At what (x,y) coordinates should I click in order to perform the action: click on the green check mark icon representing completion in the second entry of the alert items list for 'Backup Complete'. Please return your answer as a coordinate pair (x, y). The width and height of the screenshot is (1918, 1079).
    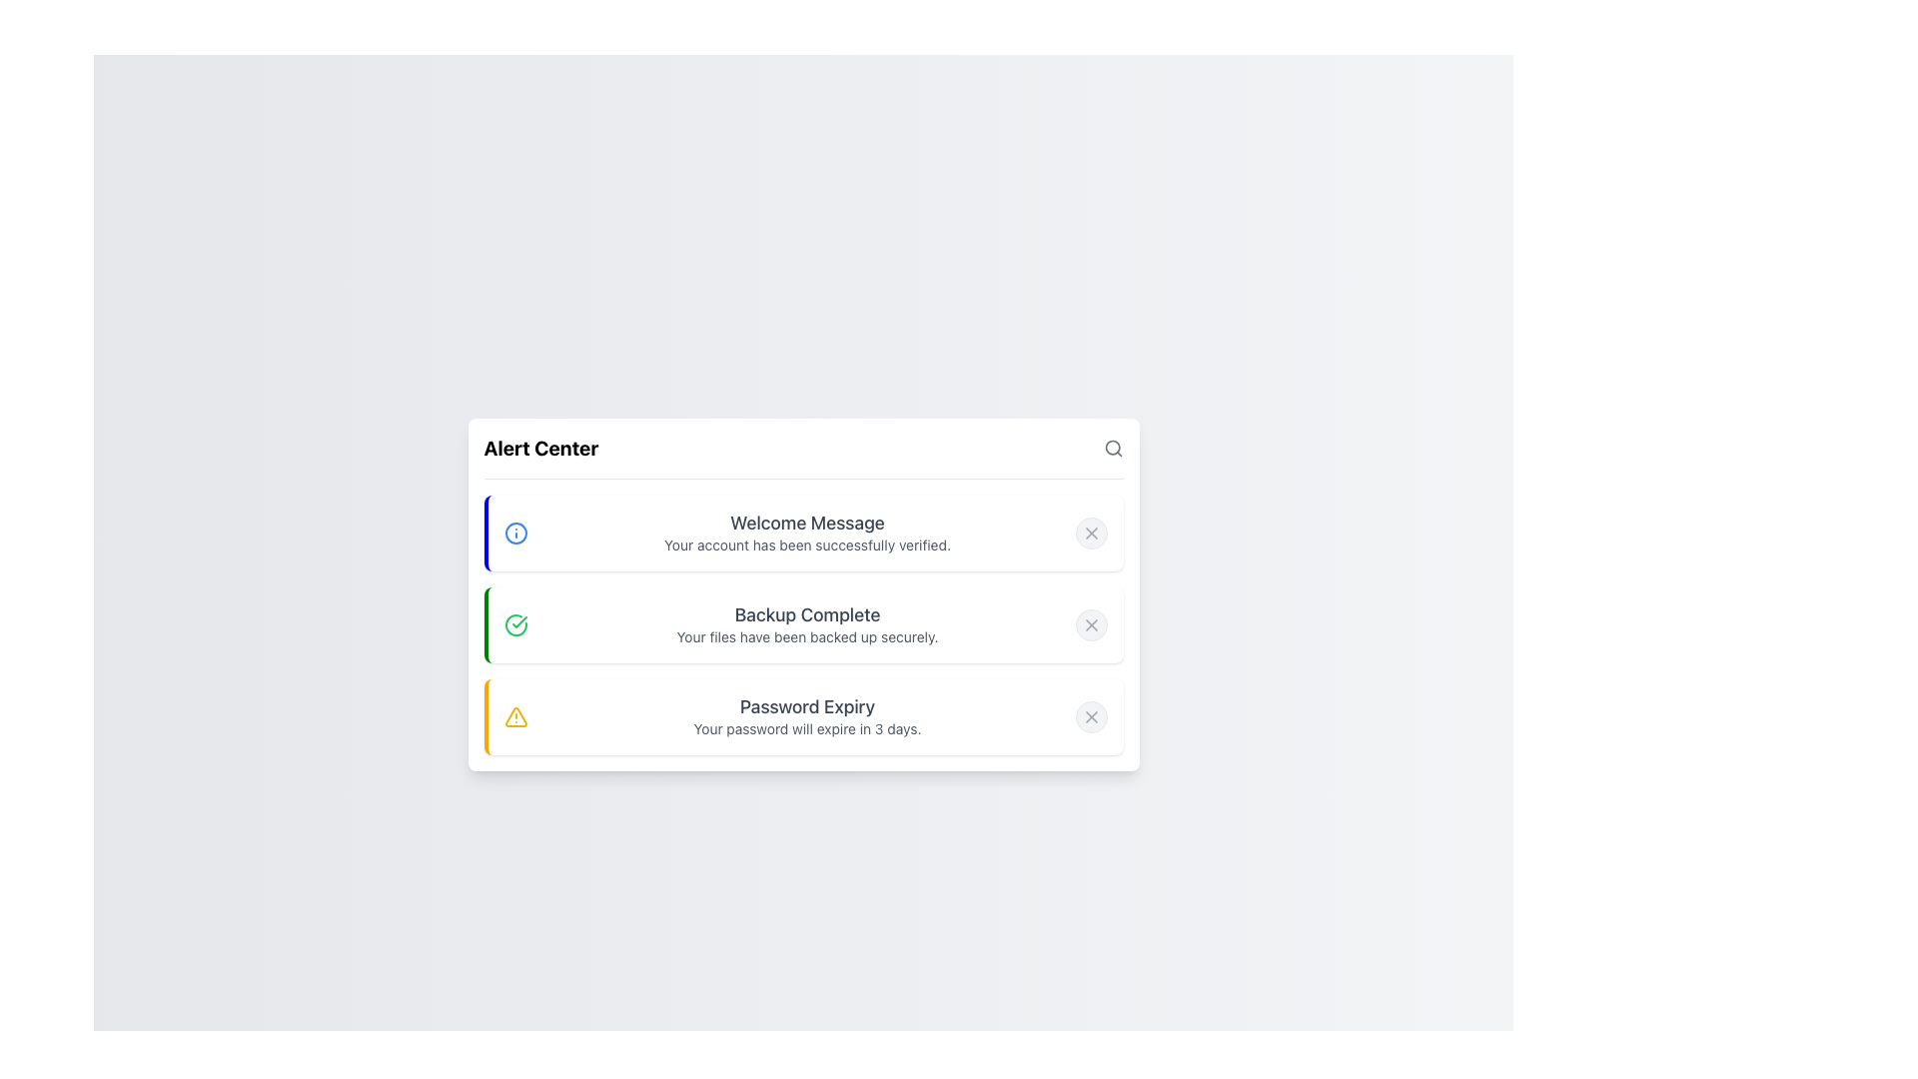
    Looking at the image, I should click on (518, 620).